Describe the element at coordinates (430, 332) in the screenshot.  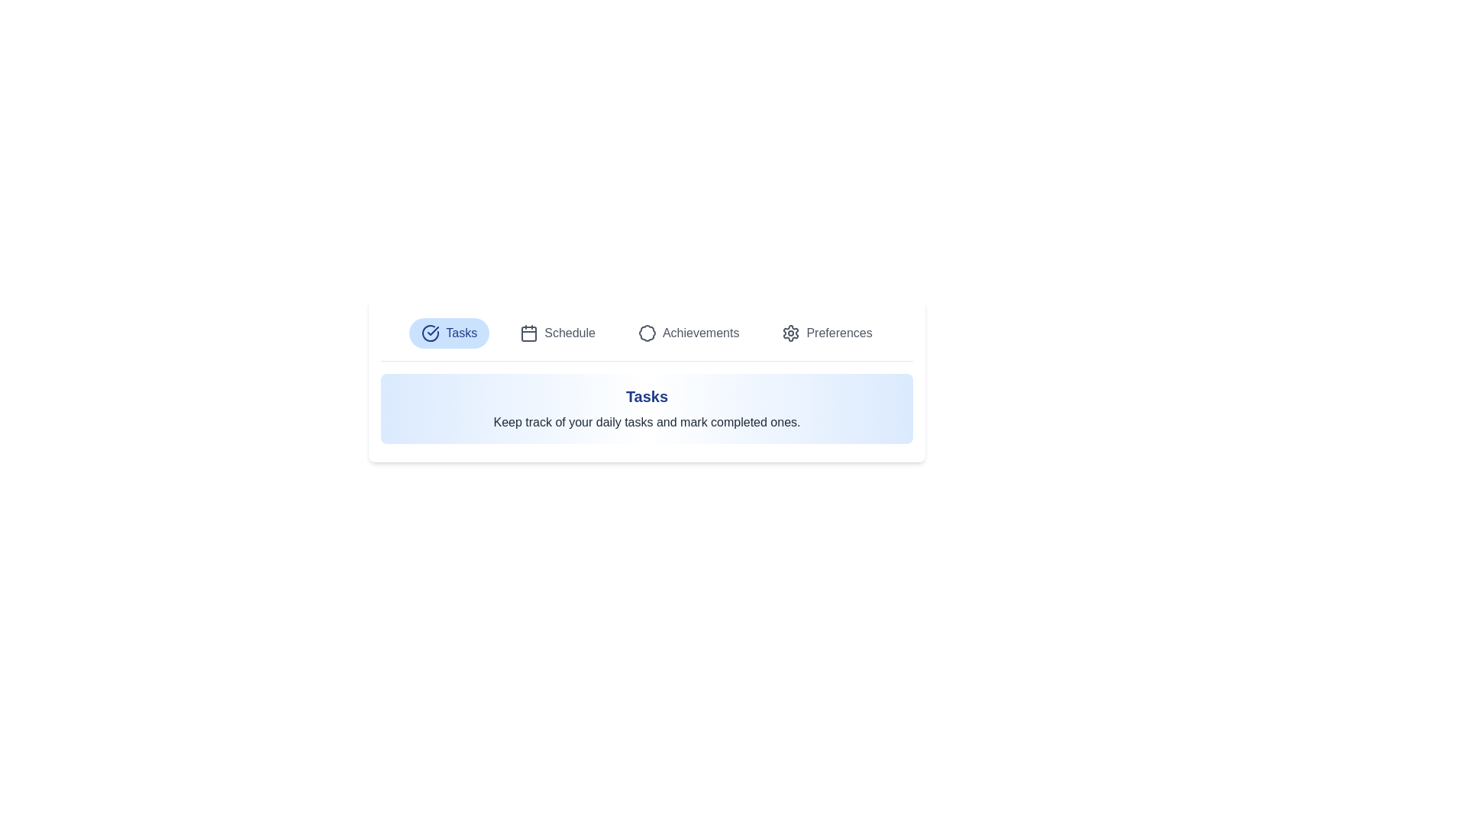
I see `the decorative icon that indicates the 'Tasks' section is selected, located on the left side inside the 'Tasks' button at the top of the card interface` at that location.